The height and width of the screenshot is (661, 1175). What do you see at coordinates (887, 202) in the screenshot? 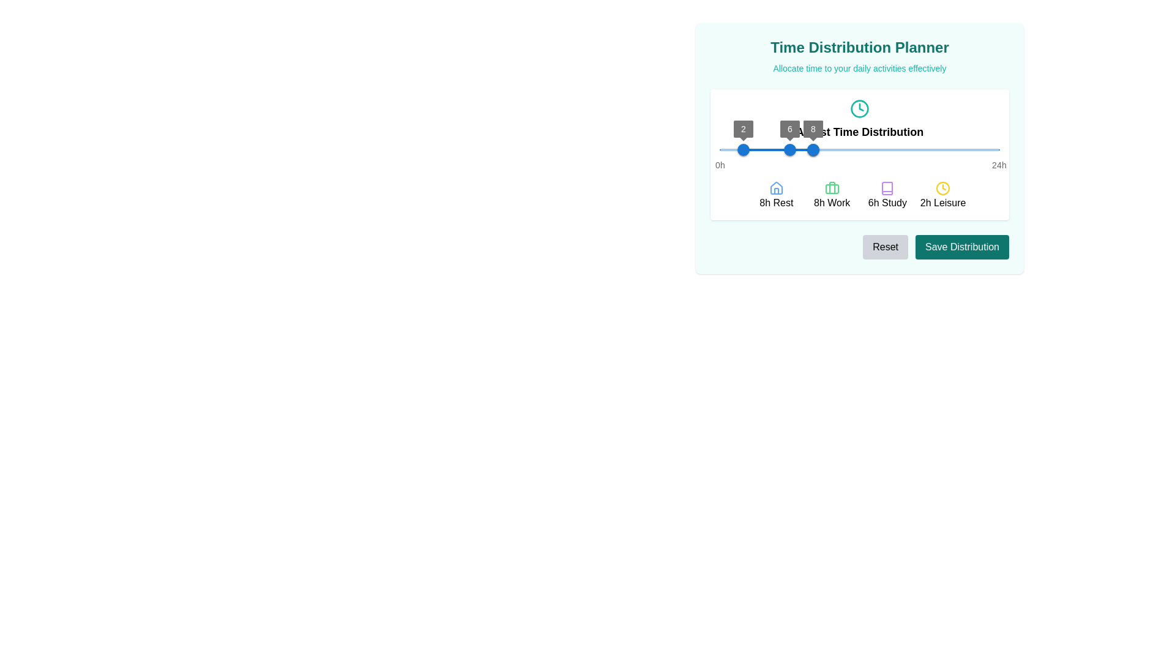
I see `the context of the text label displaying '6h Study', which is styled in black and positioned beneath the purple book icon` at bounding box center [887, 202].